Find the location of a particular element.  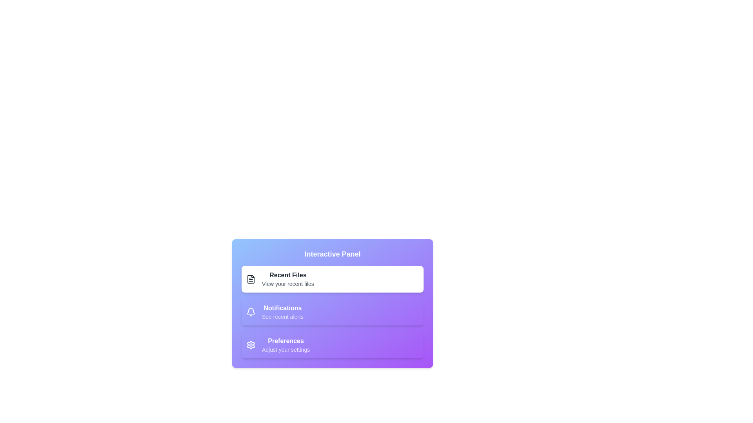

the section represented by Preferences is located at coordinates (250, 344).